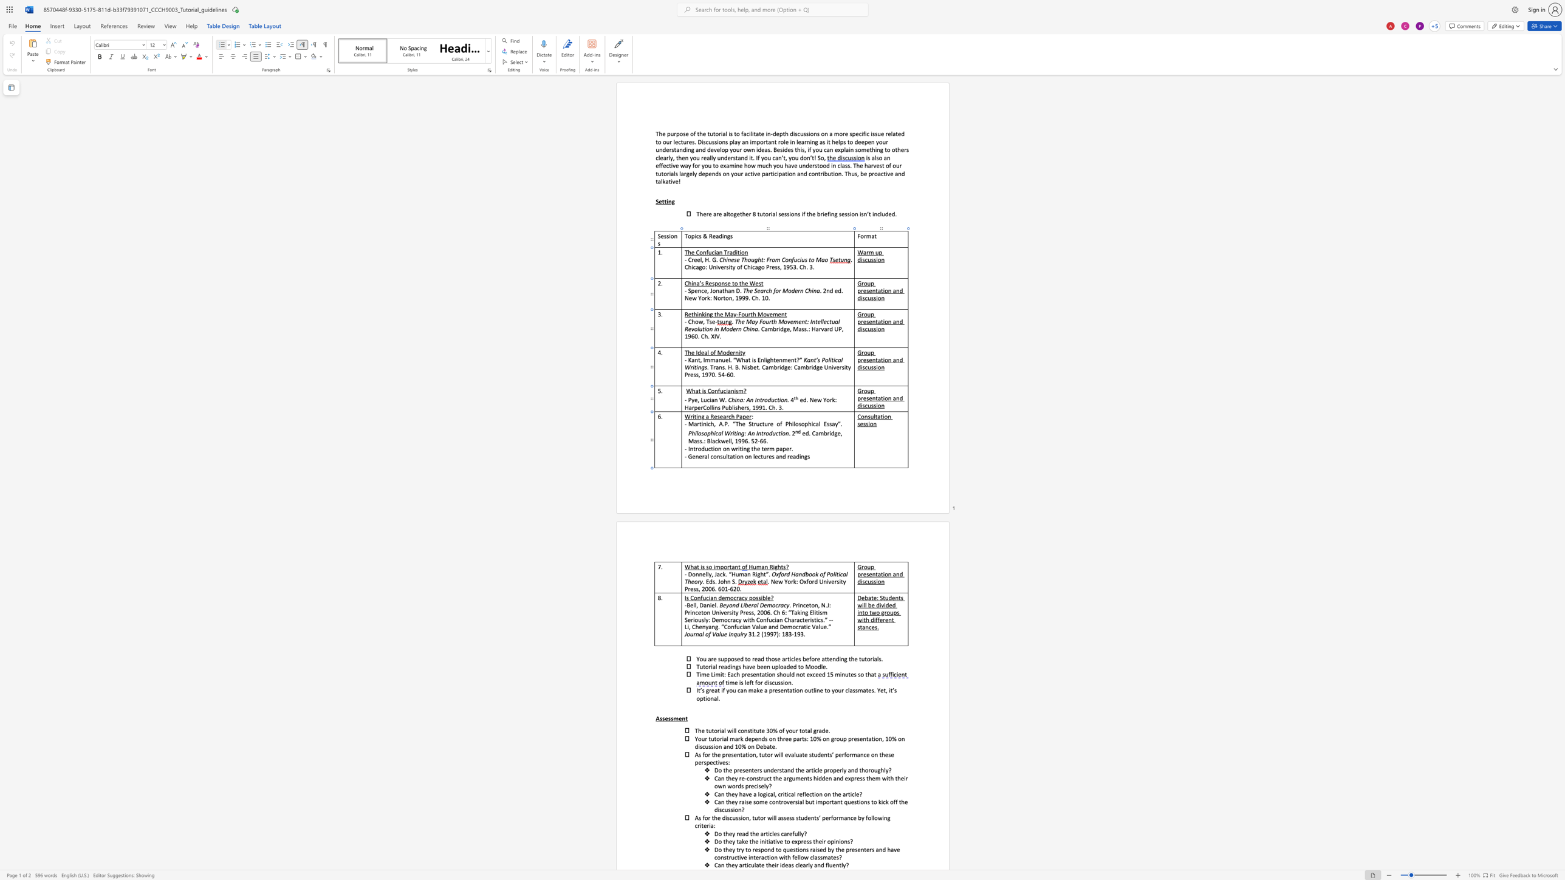 Image resolution: width=1565 pixels, height=880 pixels. I want to click on the space between the continuous character "h" and "a" in the text, so click(693, 567).